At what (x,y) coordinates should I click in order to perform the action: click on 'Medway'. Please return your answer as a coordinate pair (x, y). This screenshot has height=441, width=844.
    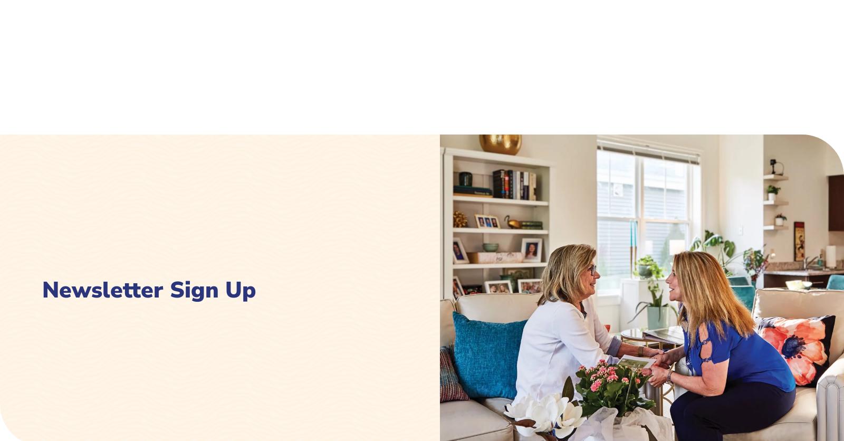
    Looking at the image, I should click on (329, 152).